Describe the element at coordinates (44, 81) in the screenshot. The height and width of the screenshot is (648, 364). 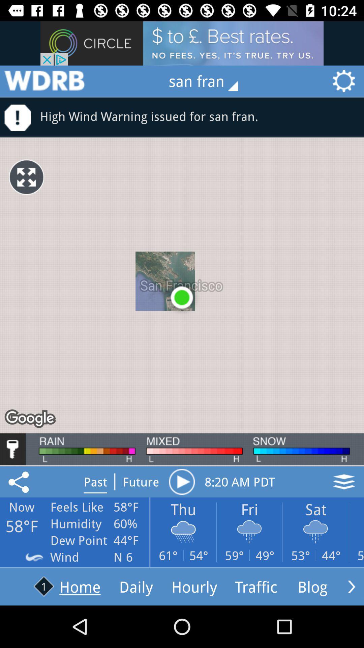
I see `homepage` at that location.